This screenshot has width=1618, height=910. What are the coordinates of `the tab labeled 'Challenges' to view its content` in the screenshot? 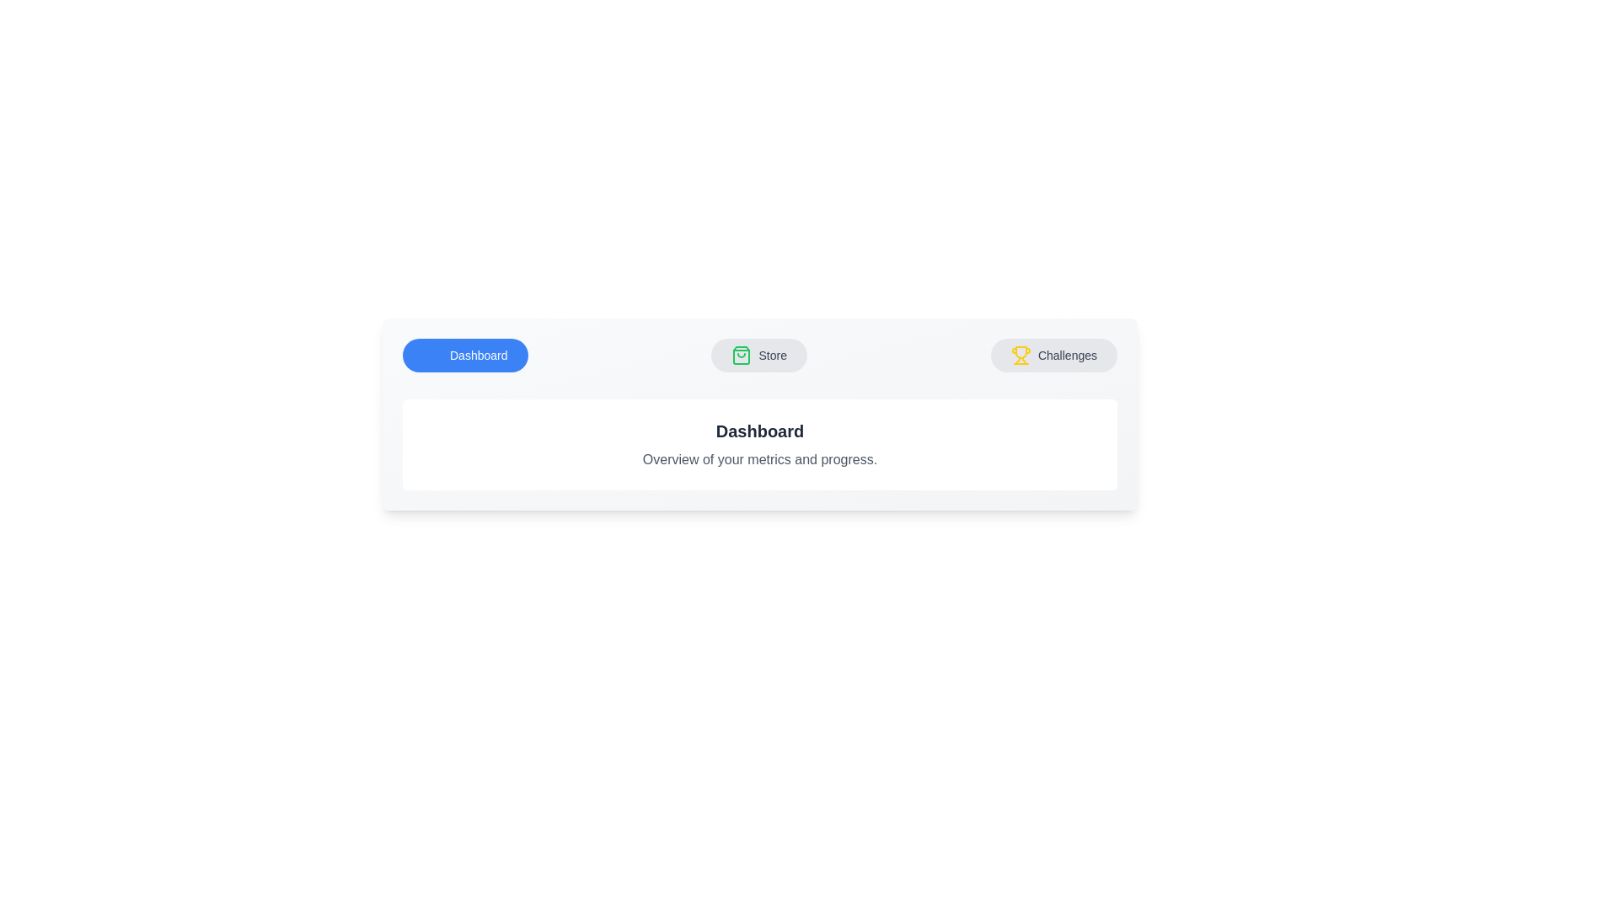 It's located at (1053, 354).